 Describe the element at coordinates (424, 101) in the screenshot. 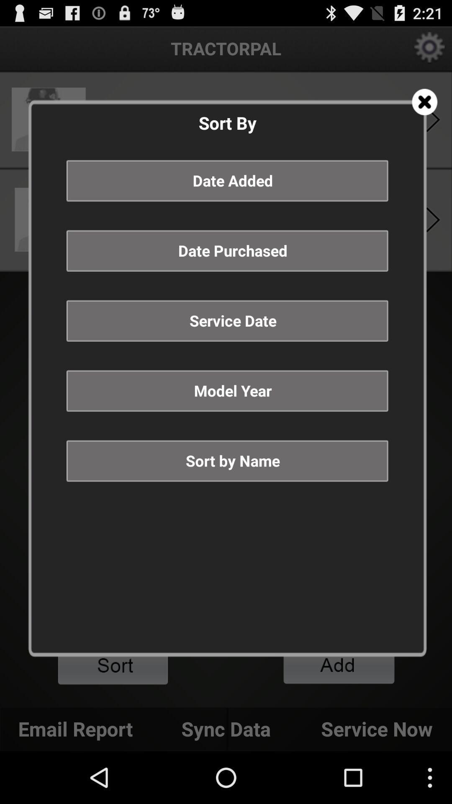

I see `the app next to sort by icon` at that location.